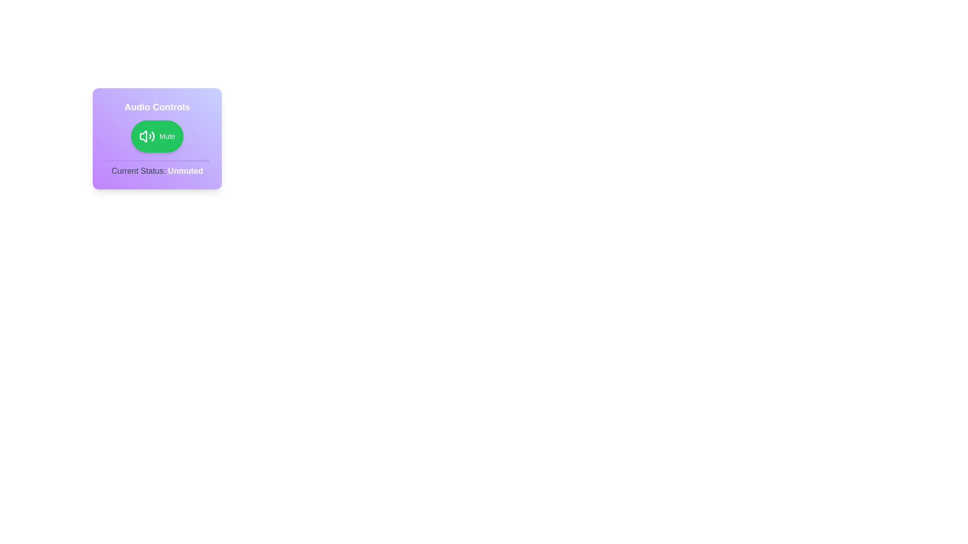 This screenshot has height=544, width=968. Describe the element at coordinates (157, 136) in the screenshot. I see `the AudioToggleButton to toggle its state between mute and unmute` at that location.